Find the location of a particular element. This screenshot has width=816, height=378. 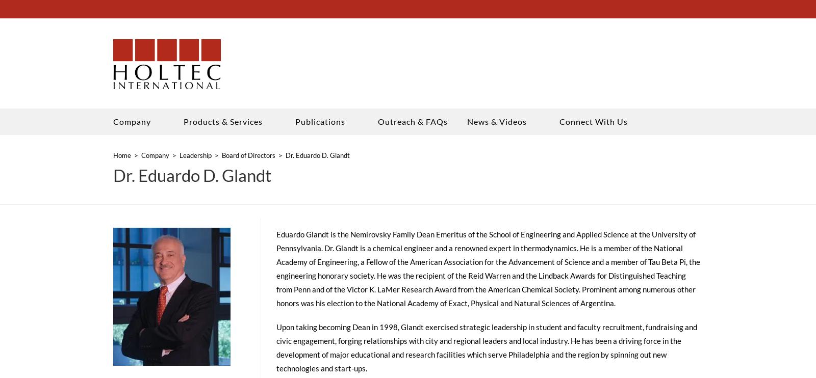

'No results found' is located at coordinates (101, 68).